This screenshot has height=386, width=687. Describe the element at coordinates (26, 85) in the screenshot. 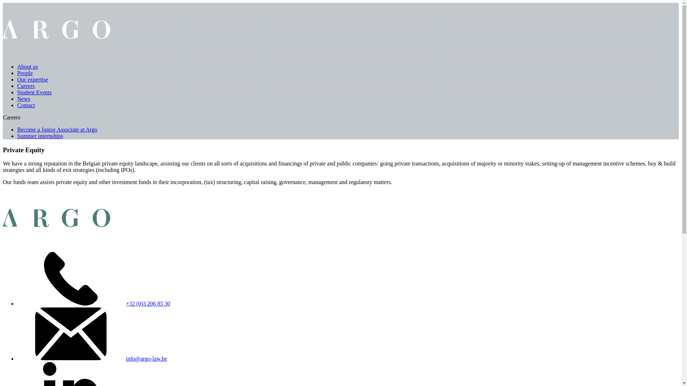

I see `'Careers'` at that location.